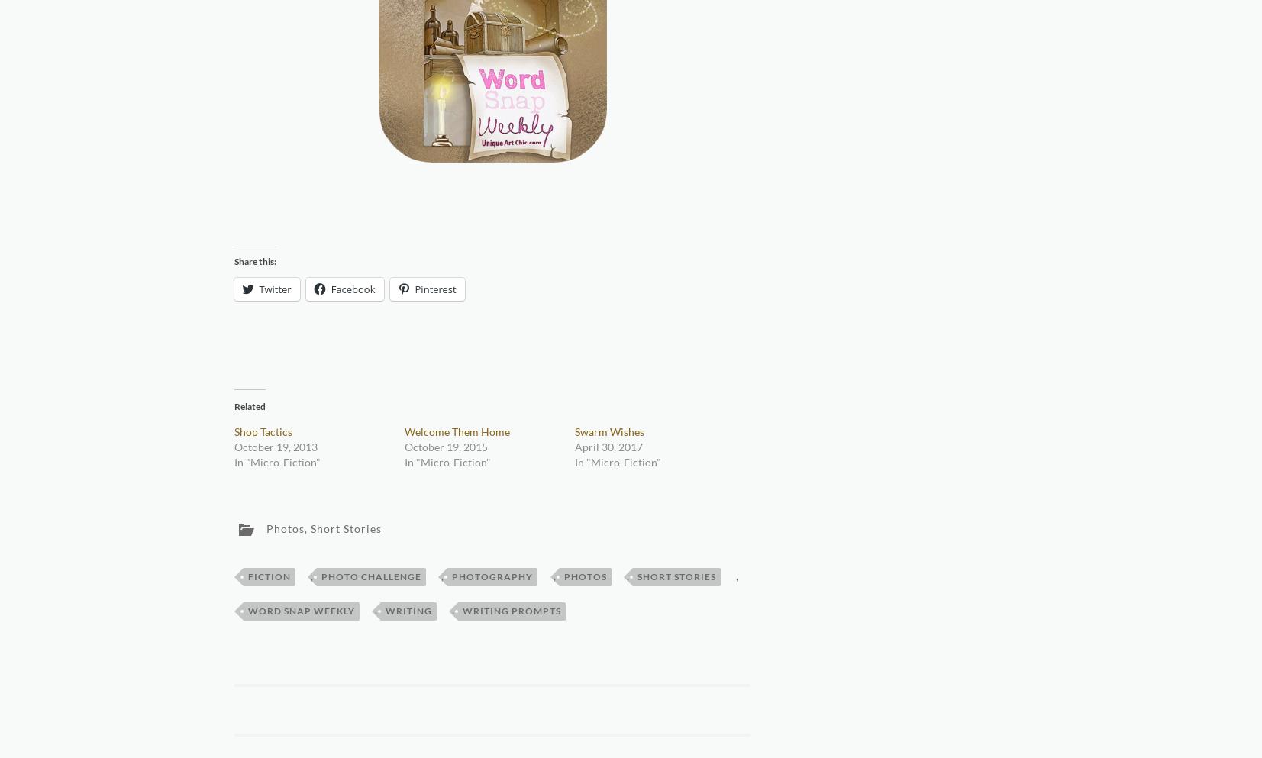 This screenshot has width=1262, height=758. Describe the element at coordinates (248, 406) in the screenshot. I see `'Related'` at that location.